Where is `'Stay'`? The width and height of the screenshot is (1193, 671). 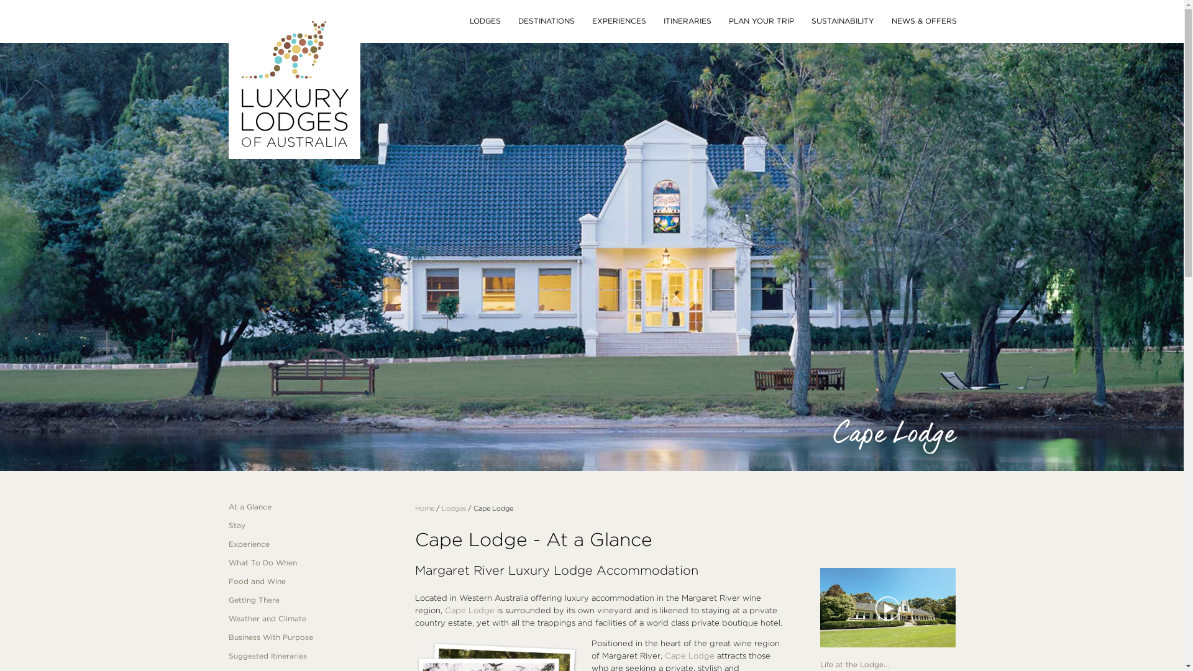
'Stay' is located at coordinates (313, 525).